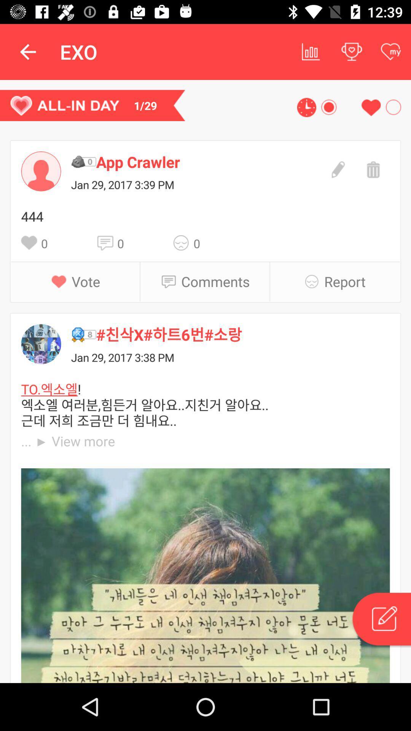 The width and height of the screenshot is (411, 731). What do you see at coordinates (311, 51) in the screenshot?
I see `the app next to exo` at bounding box center [311, 51].